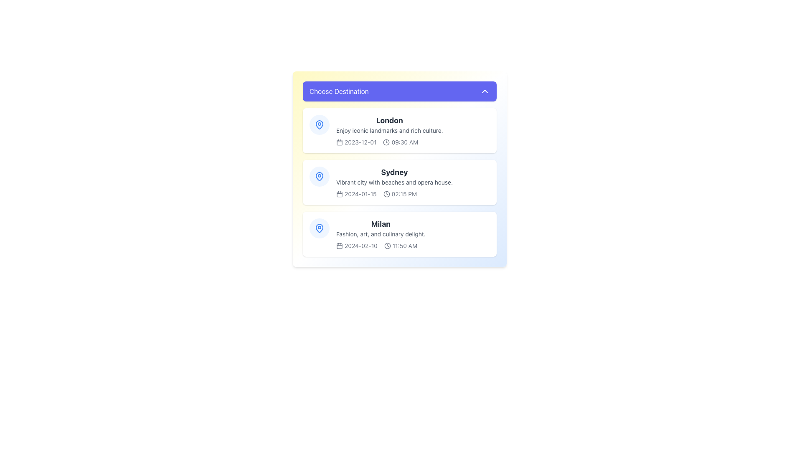  I want to click on the calendar icon located centrally within the calendar icon representing a highlighted or special date adjacent to the date text for Milan's travel date, so click(339, 246).